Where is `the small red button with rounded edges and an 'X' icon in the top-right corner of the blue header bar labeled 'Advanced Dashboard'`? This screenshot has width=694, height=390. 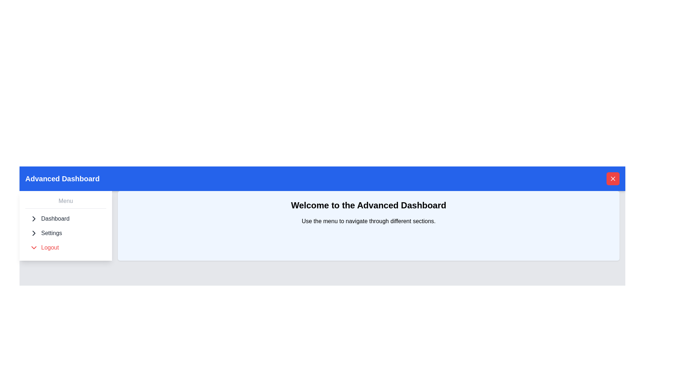
the small red button with rounded edges and an 'X' icon in the top-right corner of the blue header bar labeled 'Advanced Dashboard' is located at coordinates (612, 178).